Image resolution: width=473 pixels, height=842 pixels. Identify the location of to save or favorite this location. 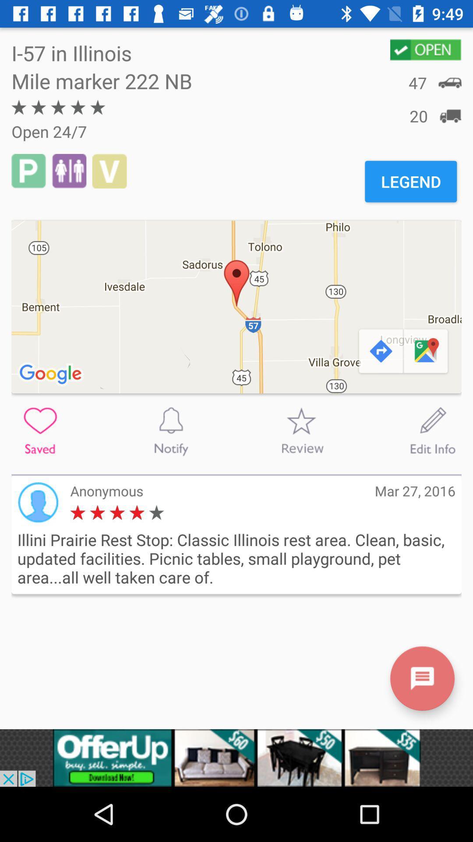
(40, 431).